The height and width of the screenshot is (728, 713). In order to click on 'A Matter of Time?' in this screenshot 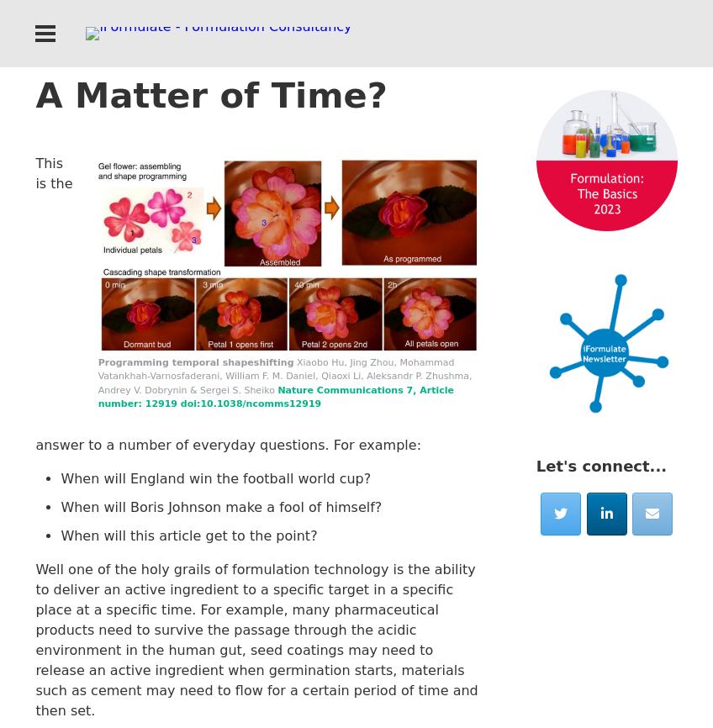, I will do `click(210, 95)`.